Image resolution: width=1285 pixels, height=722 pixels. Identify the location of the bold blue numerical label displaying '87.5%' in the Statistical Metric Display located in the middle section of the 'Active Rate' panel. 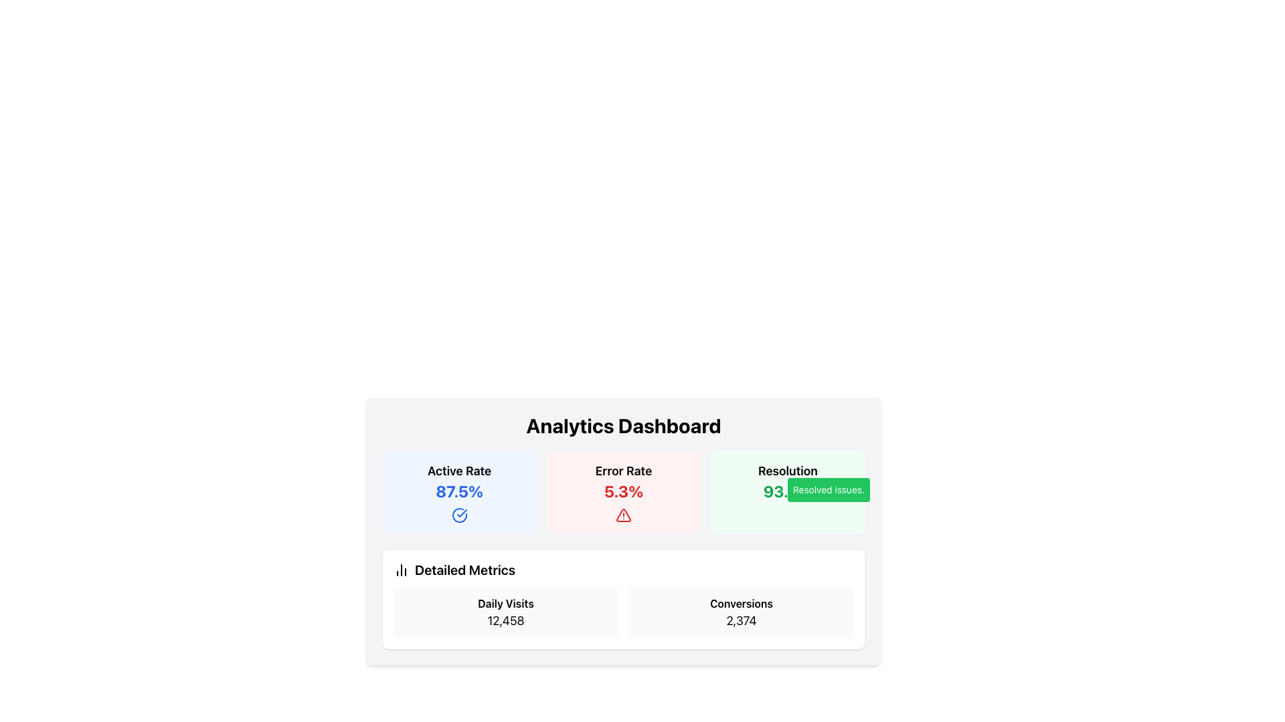
(459, 491).